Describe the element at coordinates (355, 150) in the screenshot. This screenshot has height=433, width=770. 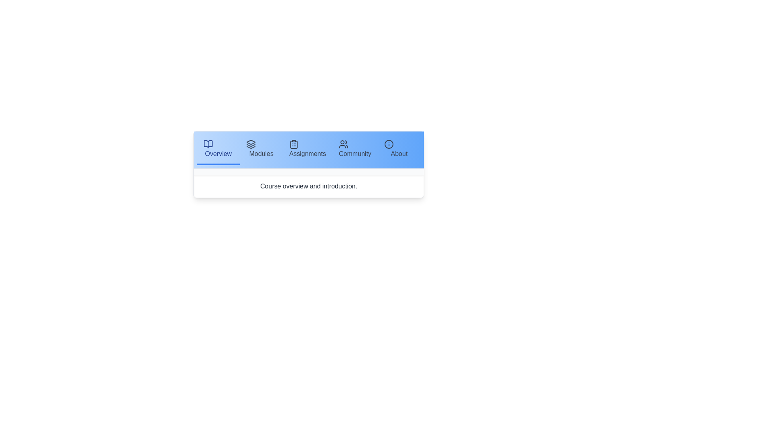
I see `the 'Community' button in the top navigation bar` at that location.